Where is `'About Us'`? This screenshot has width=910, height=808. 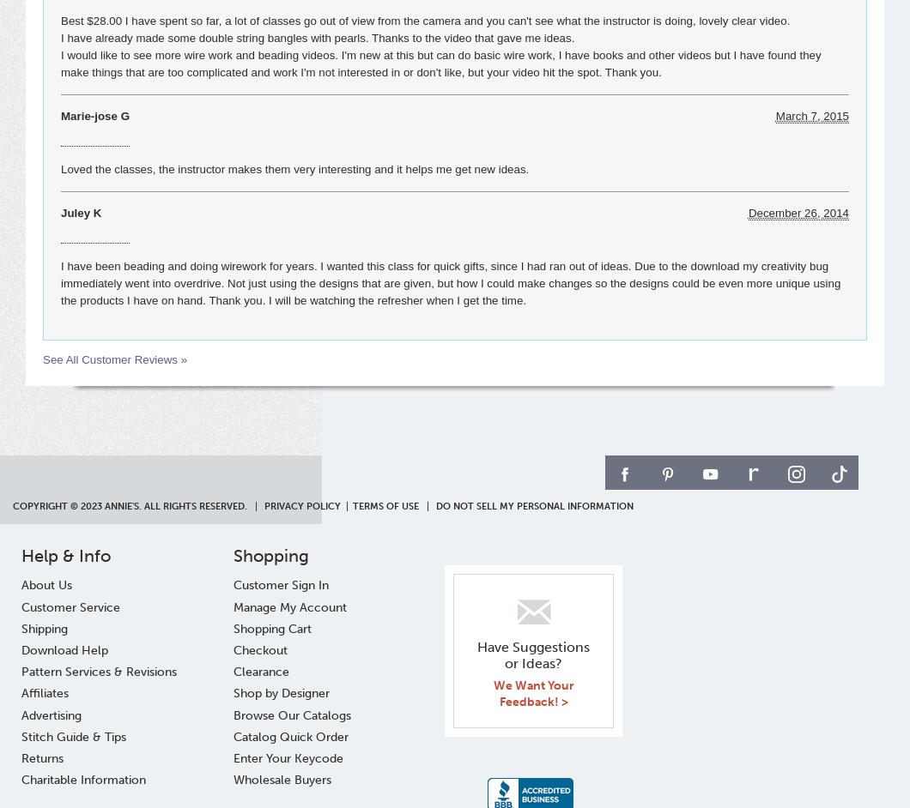
'About Us' is located at coordinates (46, 585).